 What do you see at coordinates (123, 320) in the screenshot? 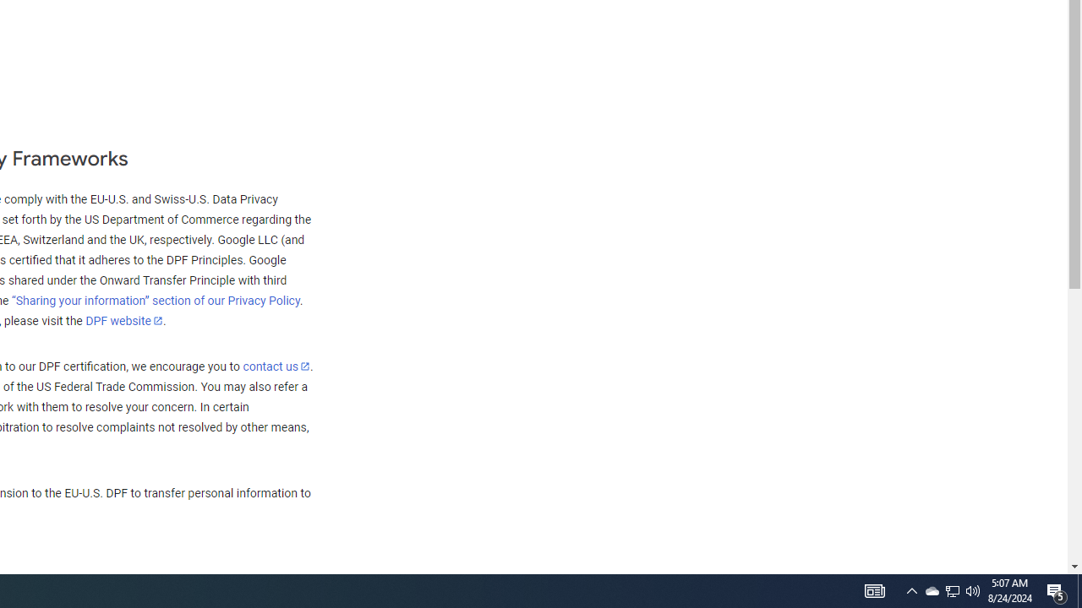
I see `'DPF website'` at bounding box center [123, 320].